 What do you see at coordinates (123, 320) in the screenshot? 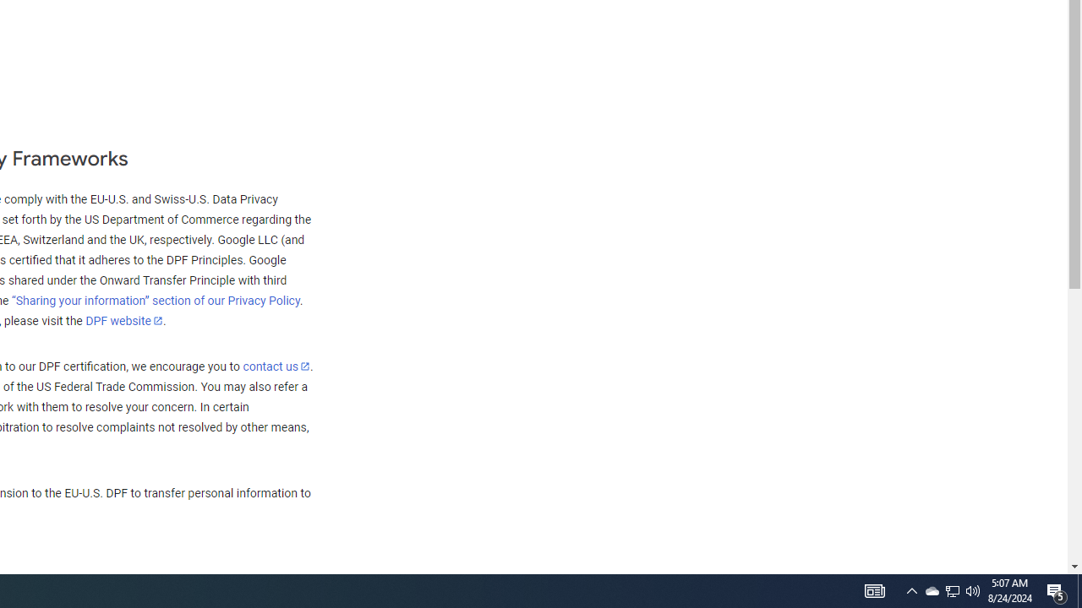
I see `'DPF website'` at bounding box center [123, 320].